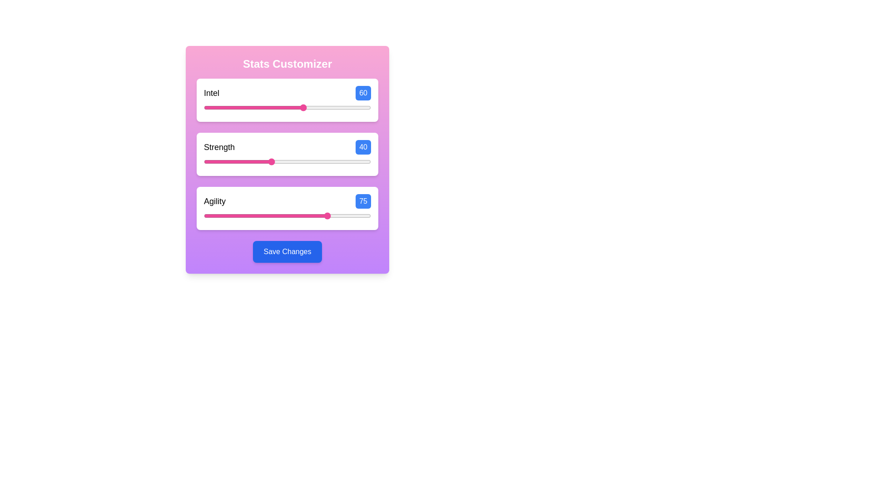  I want to click on the intelligence attribute, so click(272, 107).